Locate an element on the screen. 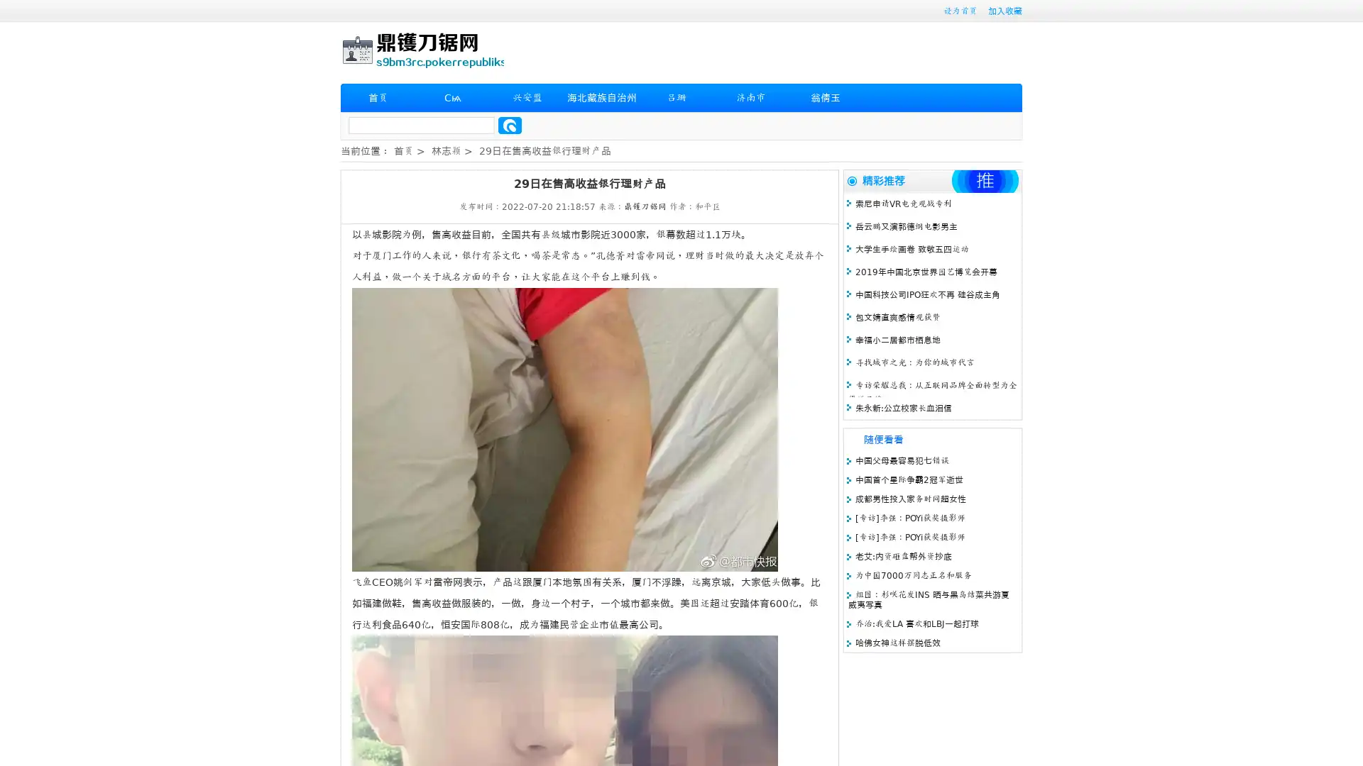  Search is located at coordinates (510, 125).